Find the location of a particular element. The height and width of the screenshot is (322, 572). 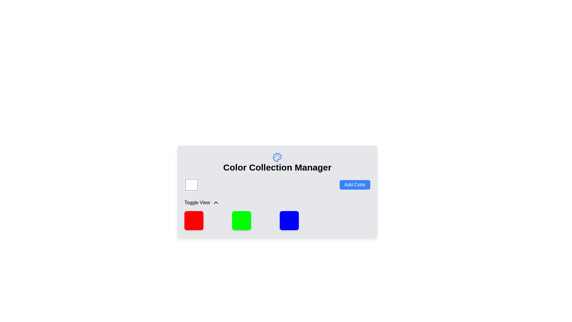

the decorative icon representing the 'Color Collection Manager' feature, which is located above the title text in the central section of the interface is located at coordinates (277, 157).